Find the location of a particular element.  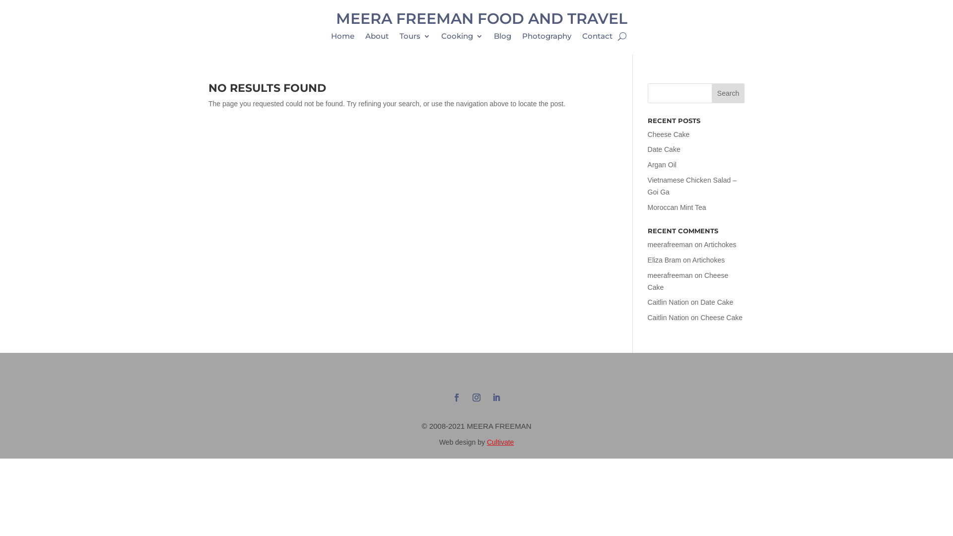

'meerafreeman' is located at coordinates (670, 245).